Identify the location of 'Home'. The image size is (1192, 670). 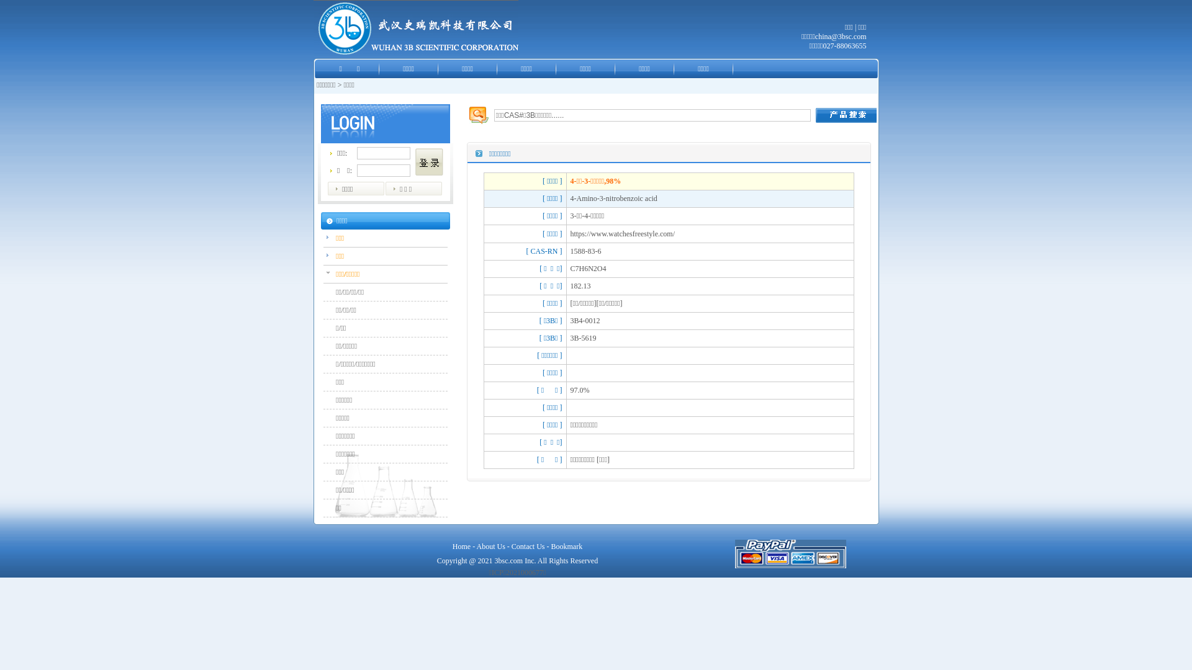
(461, 545).